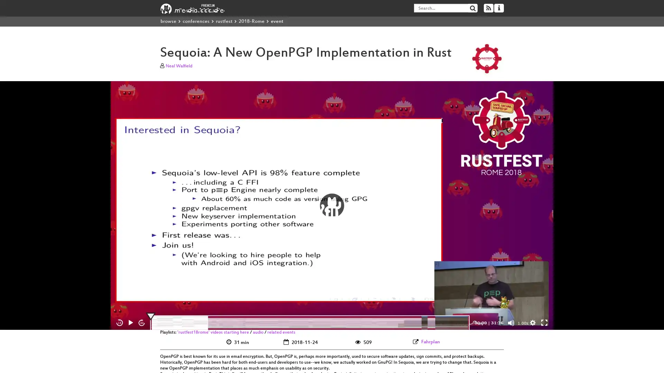 This screenshot has height=373, width=664. I want to click on Jump forward 30 seconds, so click(141, 323).